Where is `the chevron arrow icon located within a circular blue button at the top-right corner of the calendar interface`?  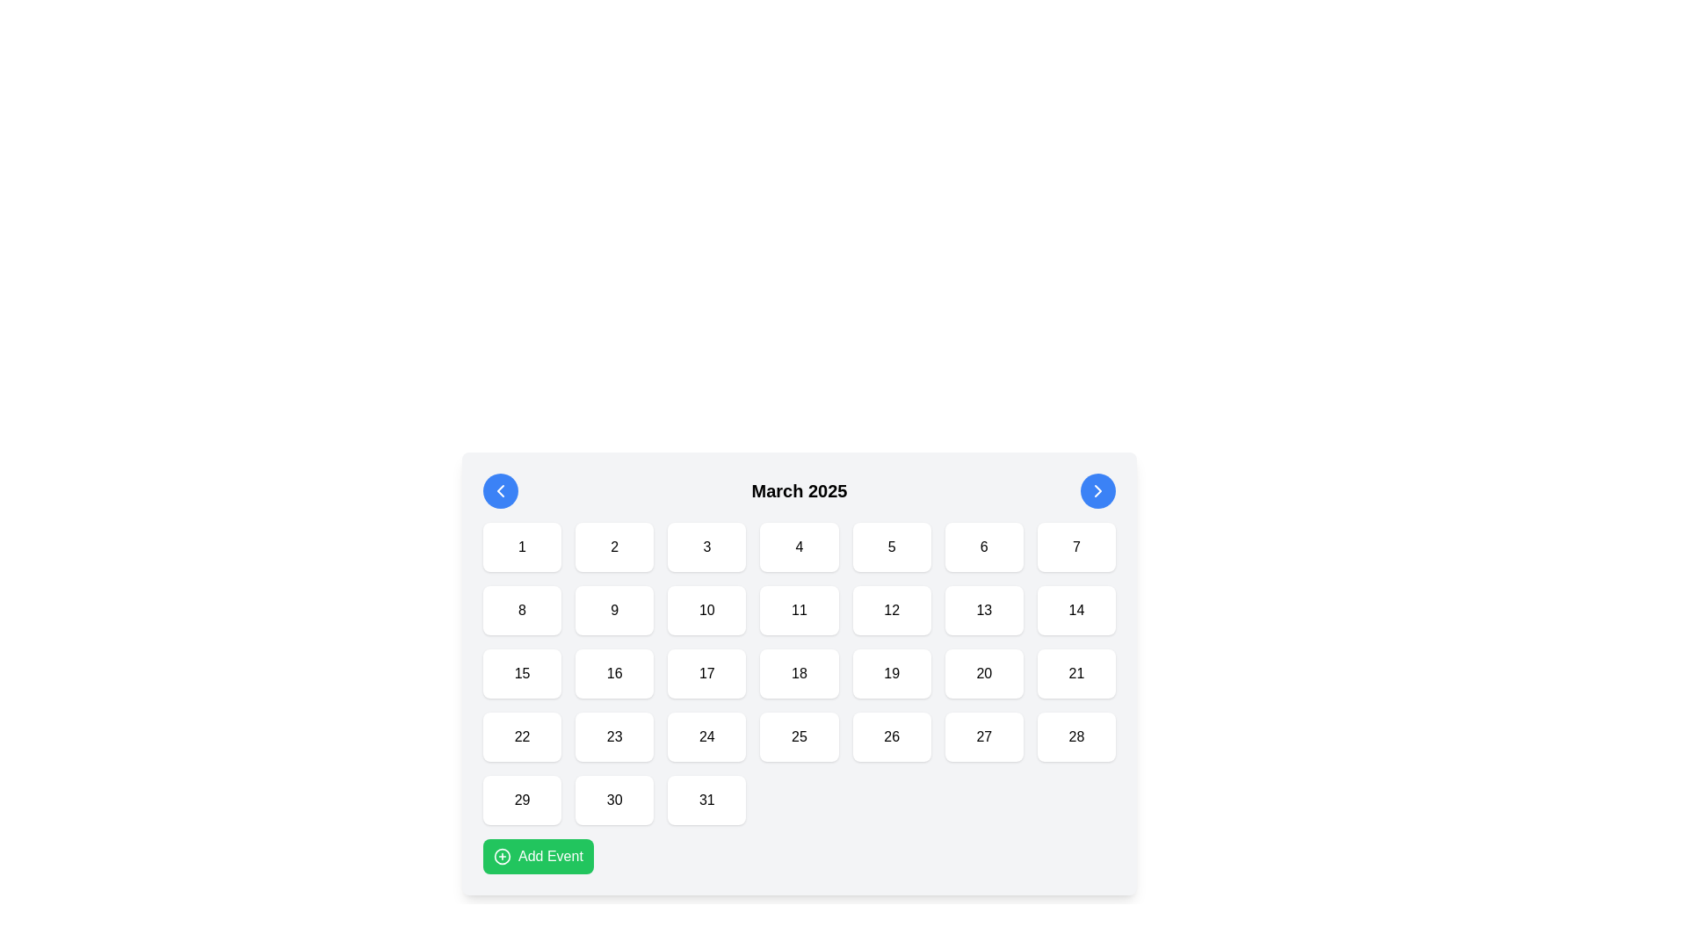 the chevron arrow icon located within a circular blue button at the top-right corner of the calendar interface is located at coordinates (1097, 491).